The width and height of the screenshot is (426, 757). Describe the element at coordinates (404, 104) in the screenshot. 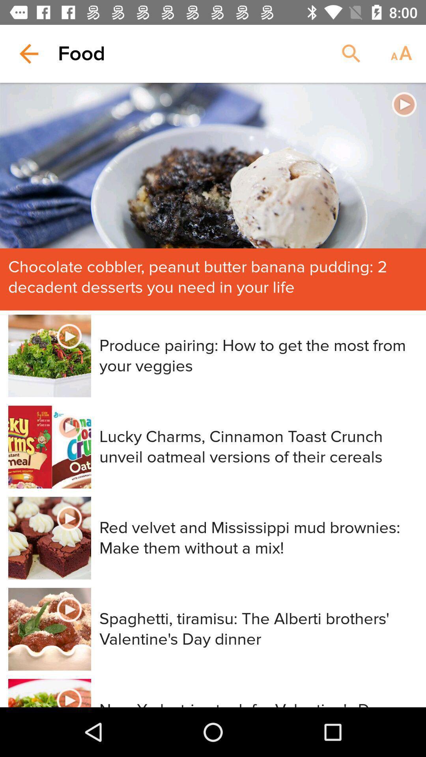

I see `the play button from the top right` at that location.